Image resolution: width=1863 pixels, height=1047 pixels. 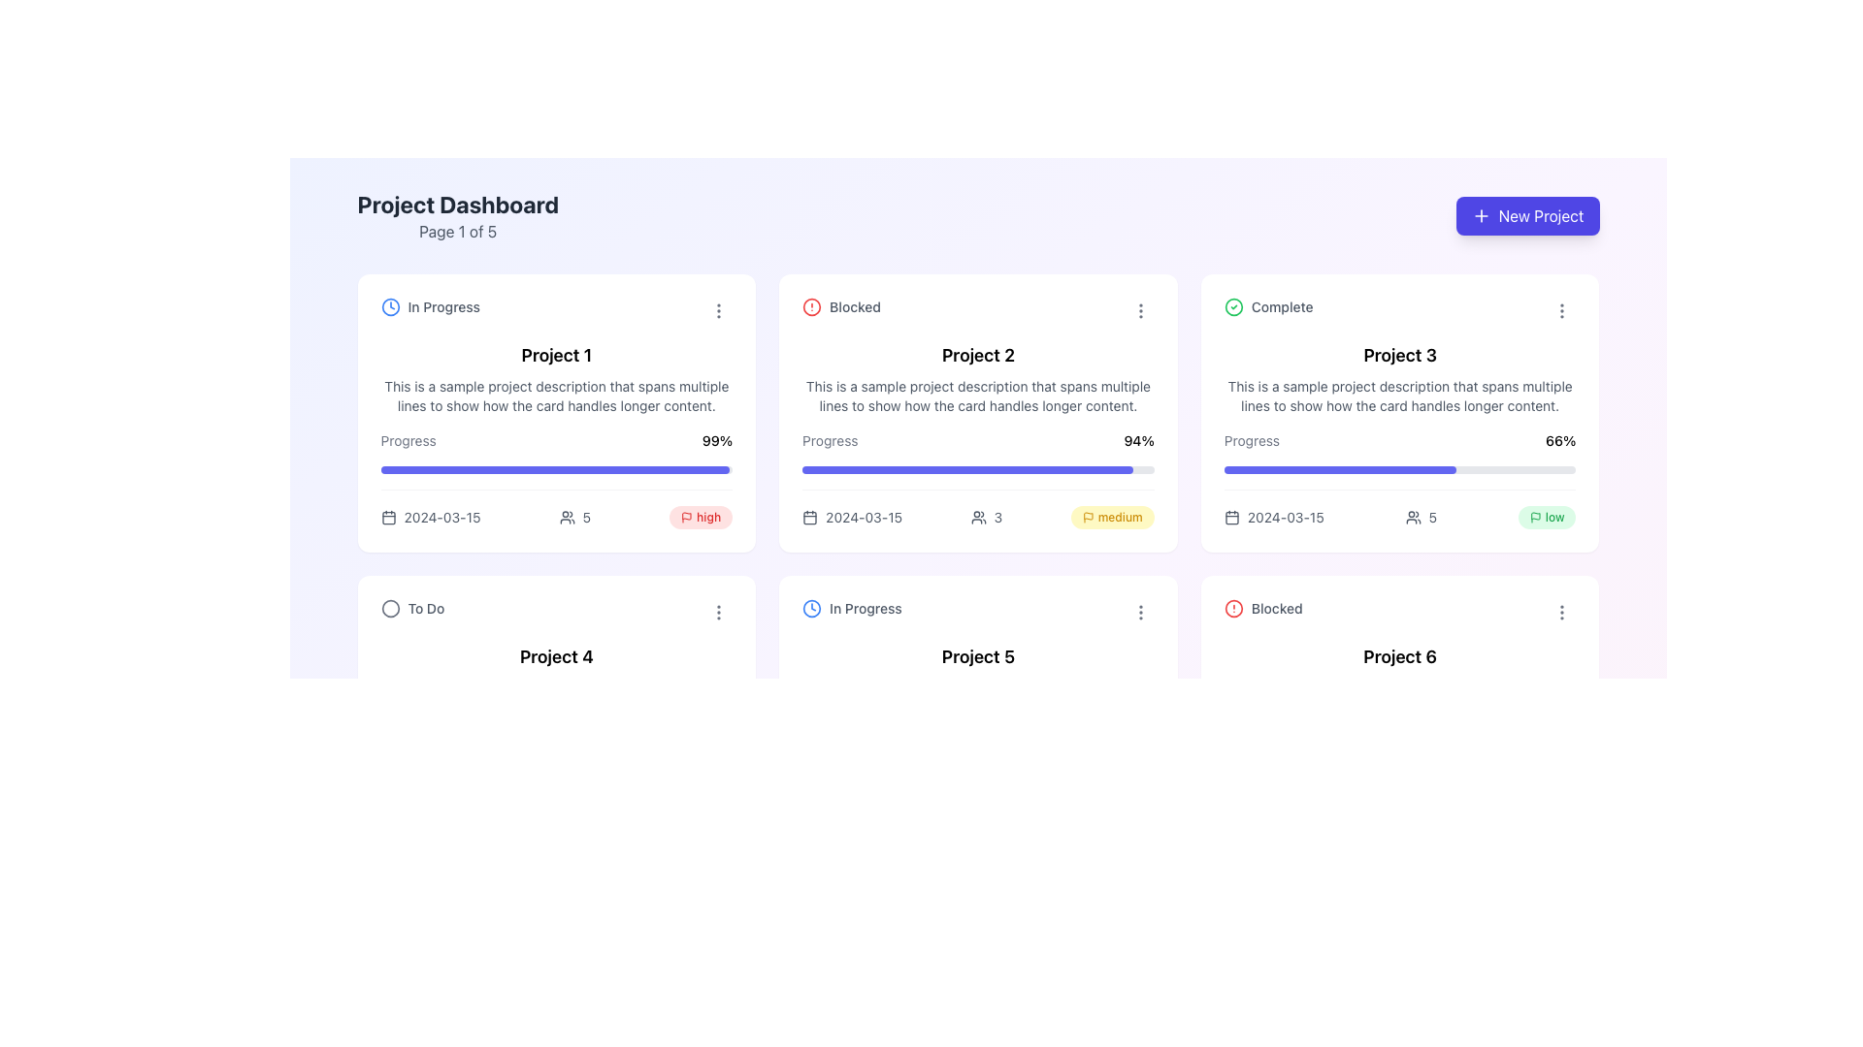 I want to click on the text label displaying 'Project Dashboard' and 'Page 1 of 5' located at the top-left section of the interface, so click(x=457, y=216).